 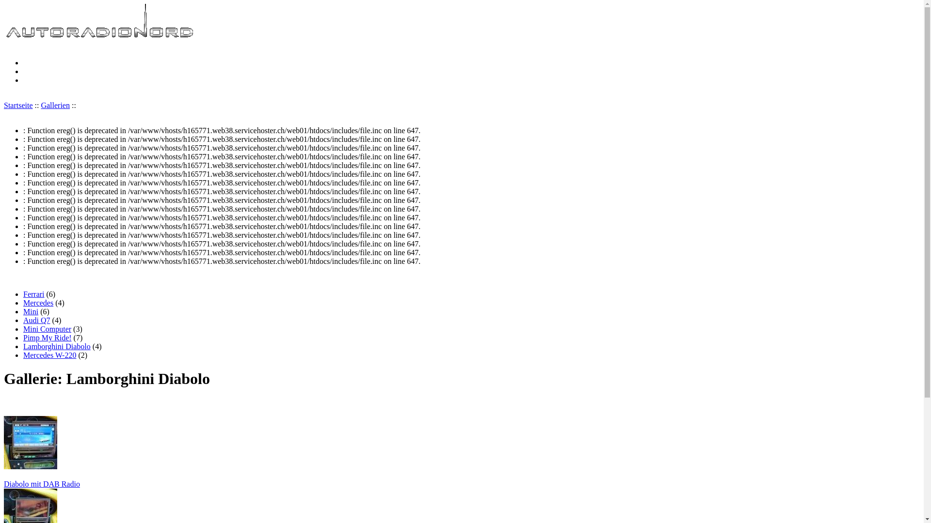 I want to click on 'Mercedes', so click(x=38, y=302).